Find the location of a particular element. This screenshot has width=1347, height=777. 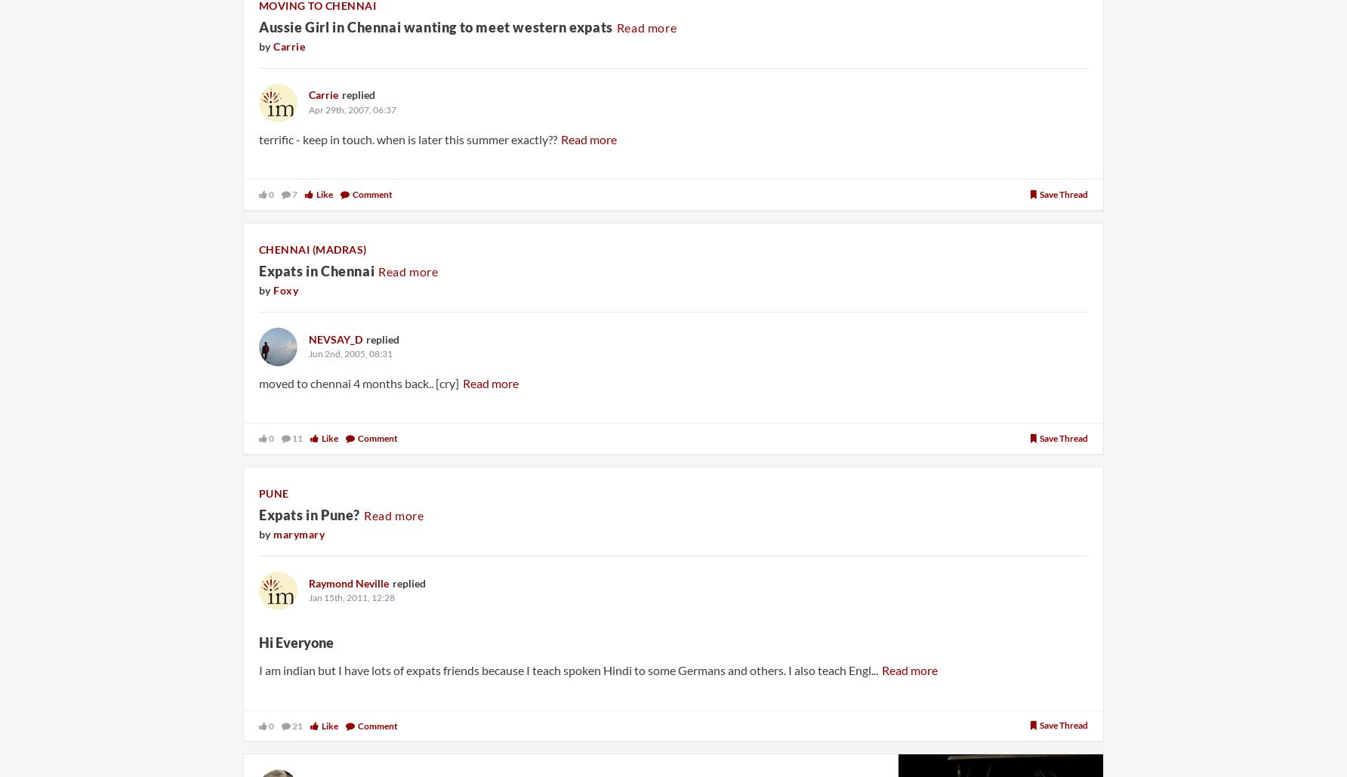

'Apr 29th, 2007, 06:37' is located at coordinates (353, 109).